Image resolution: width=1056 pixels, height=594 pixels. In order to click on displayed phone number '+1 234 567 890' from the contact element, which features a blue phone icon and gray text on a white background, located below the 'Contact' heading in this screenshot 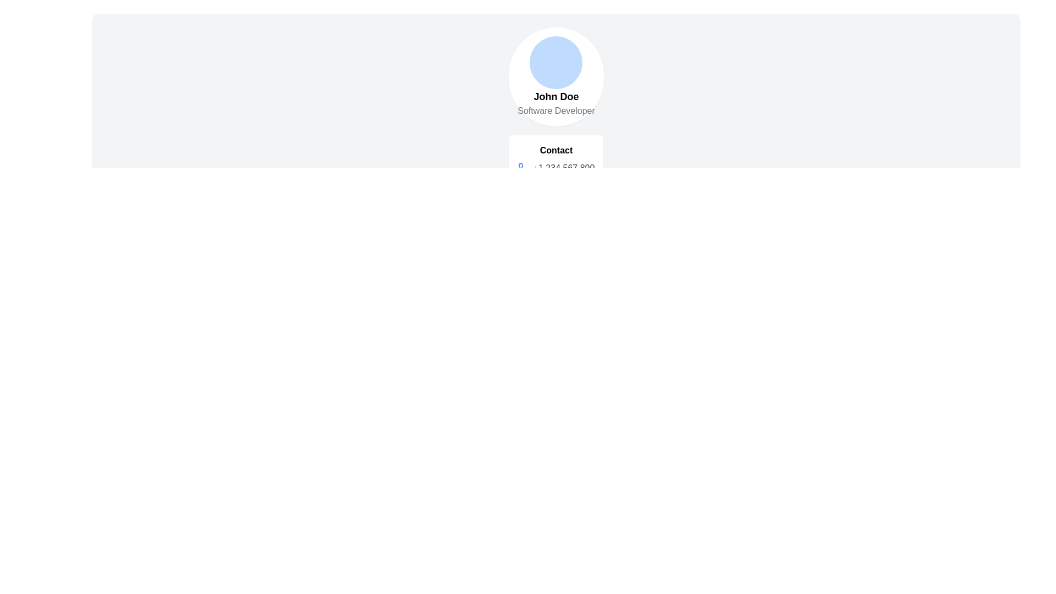, I will do `click(556, 168)`.